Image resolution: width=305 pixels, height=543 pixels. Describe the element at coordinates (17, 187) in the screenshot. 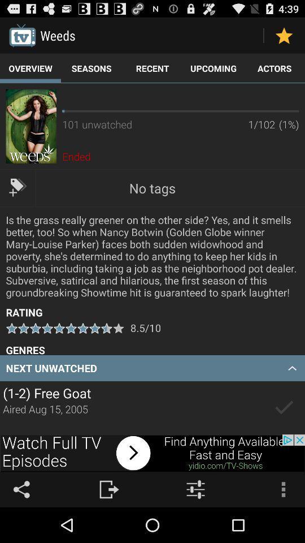

I see `tag` at that location.